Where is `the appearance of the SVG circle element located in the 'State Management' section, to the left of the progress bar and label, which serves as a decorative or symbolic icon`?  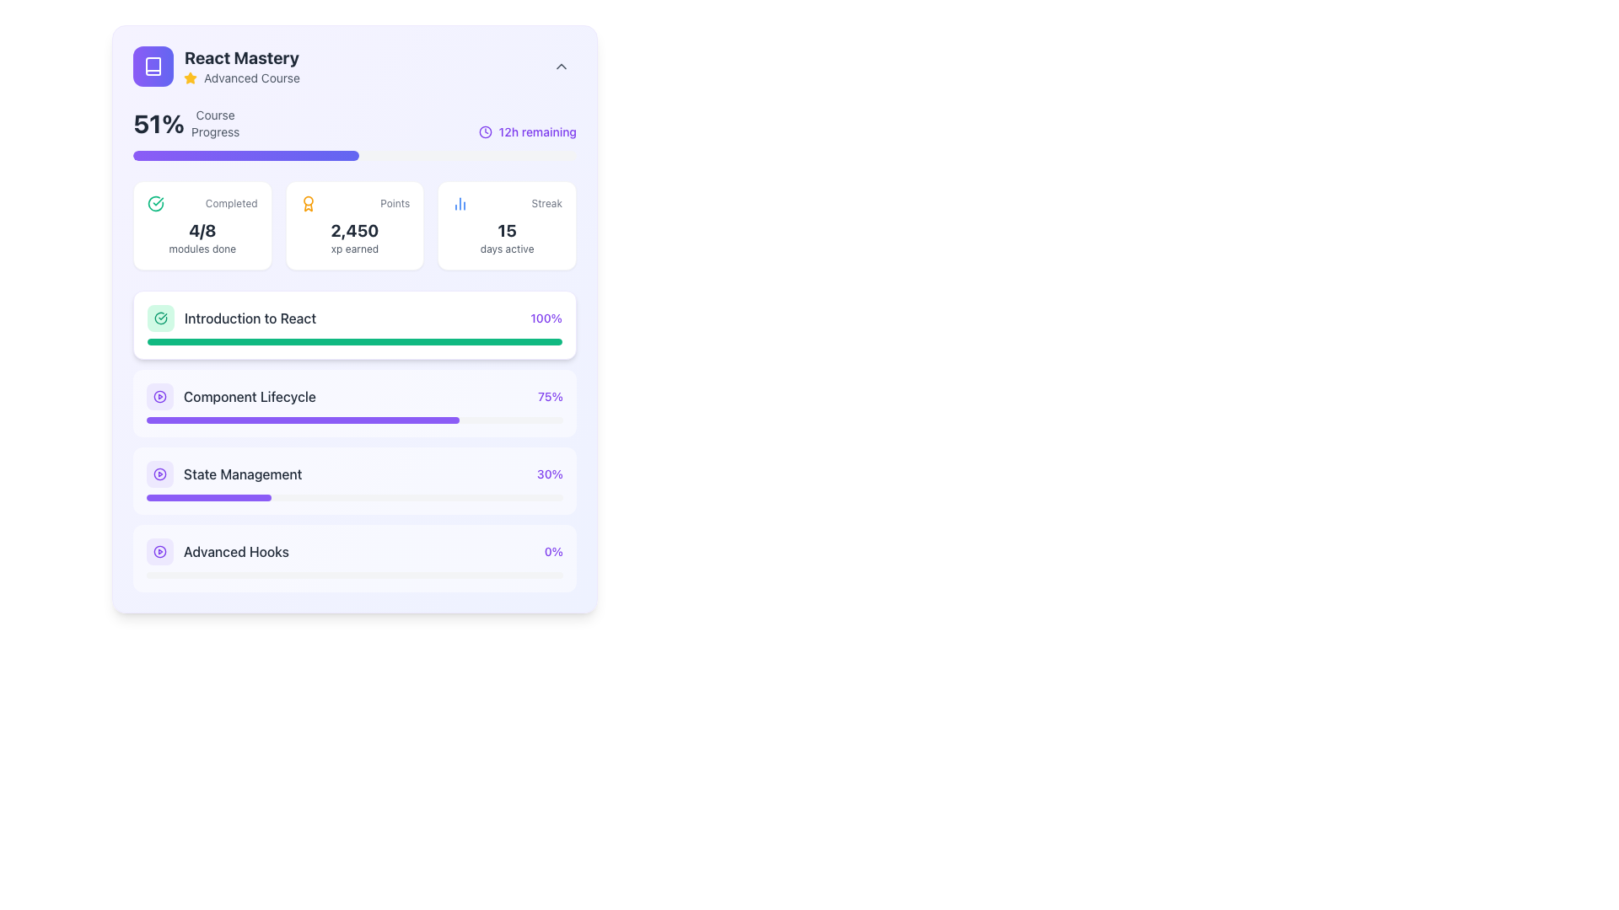 the appearance of the SVG circle element located in the 'State Management' section, to the left of the progress bar and label, which serves as a decorative or symbolic icon is located at coordinates (160, 474).